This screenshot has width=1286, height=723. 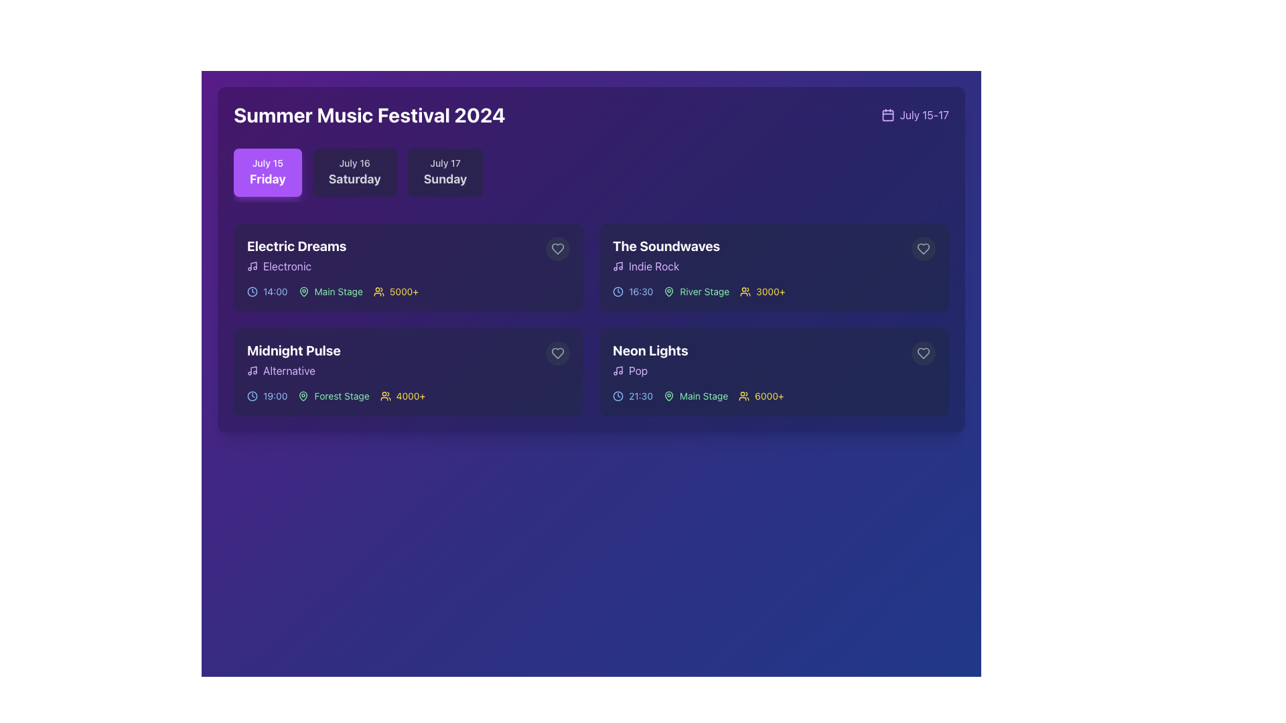 What do you see at coordinates (640, 395) in the screenshot?
I see `the static text label that indicates the starting time of the 'Neon Lights' event, which is located in the bottom right quadrant of the interface` at bounding box center [640, 395].